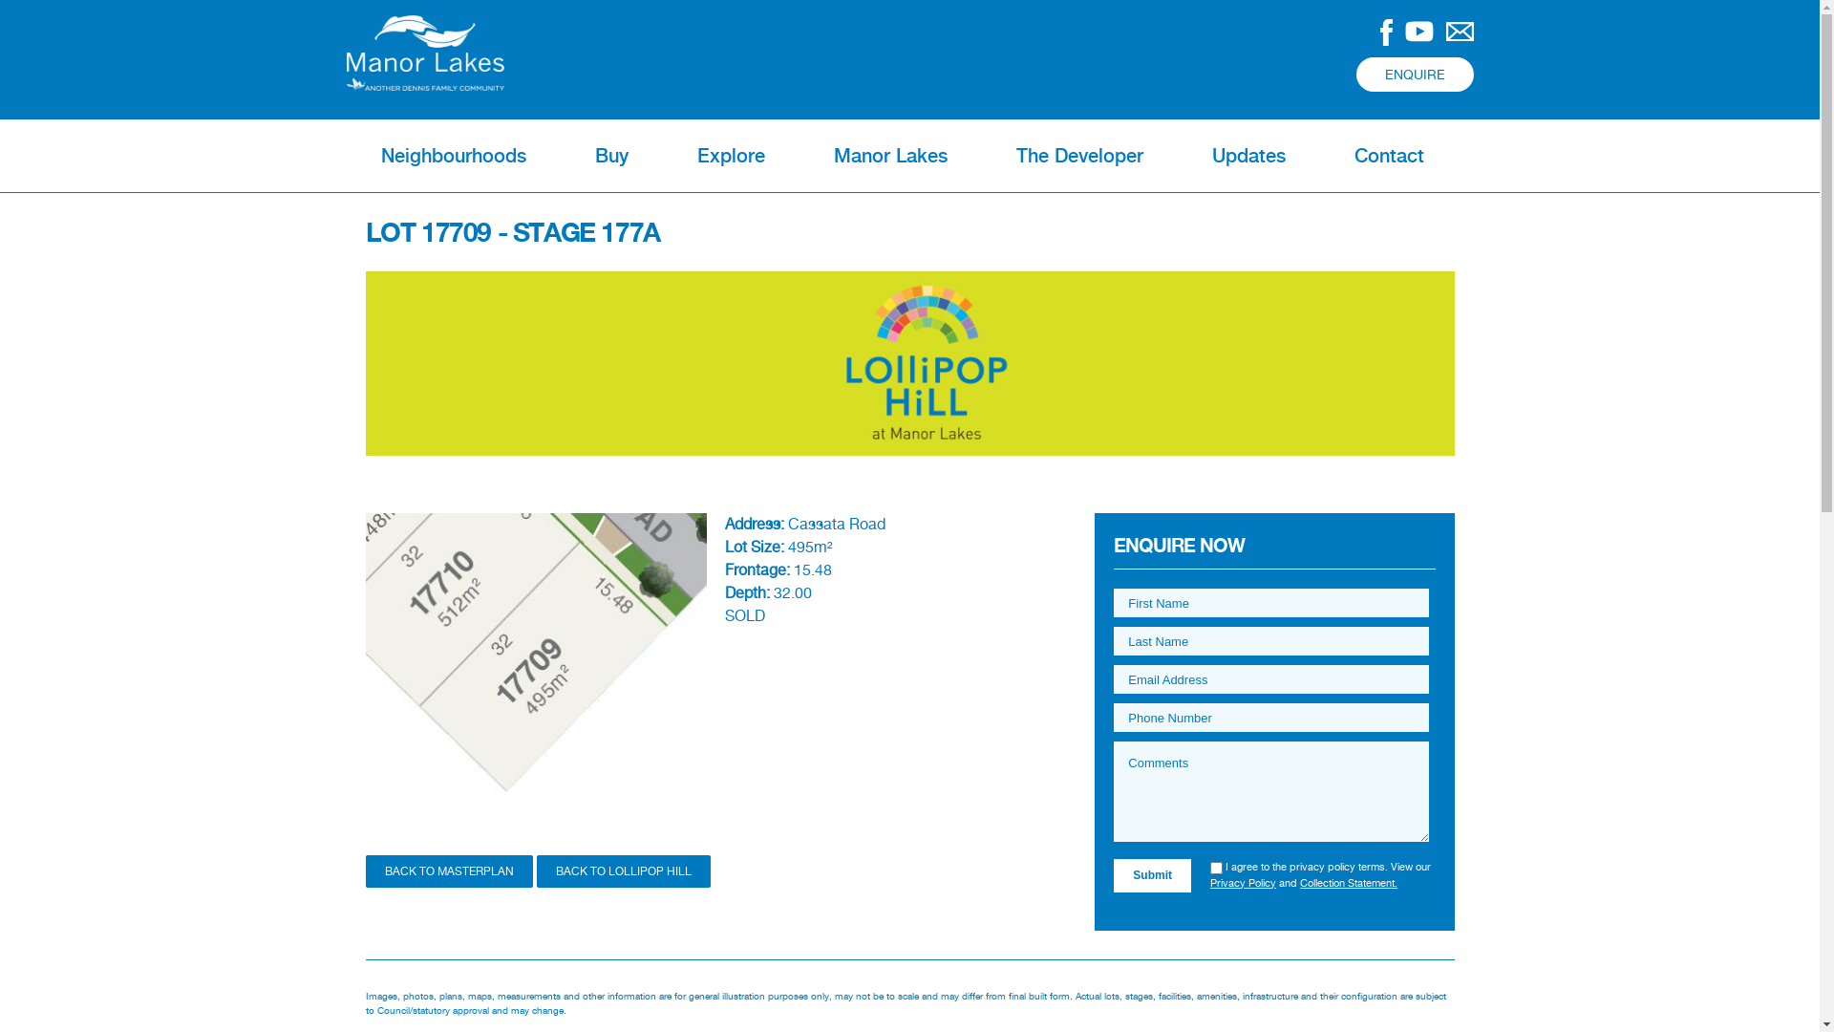  What do you see at coordinates (1248, 154) in the screenshot?
I see `'Updates'` at bounding box center [1248, 154].